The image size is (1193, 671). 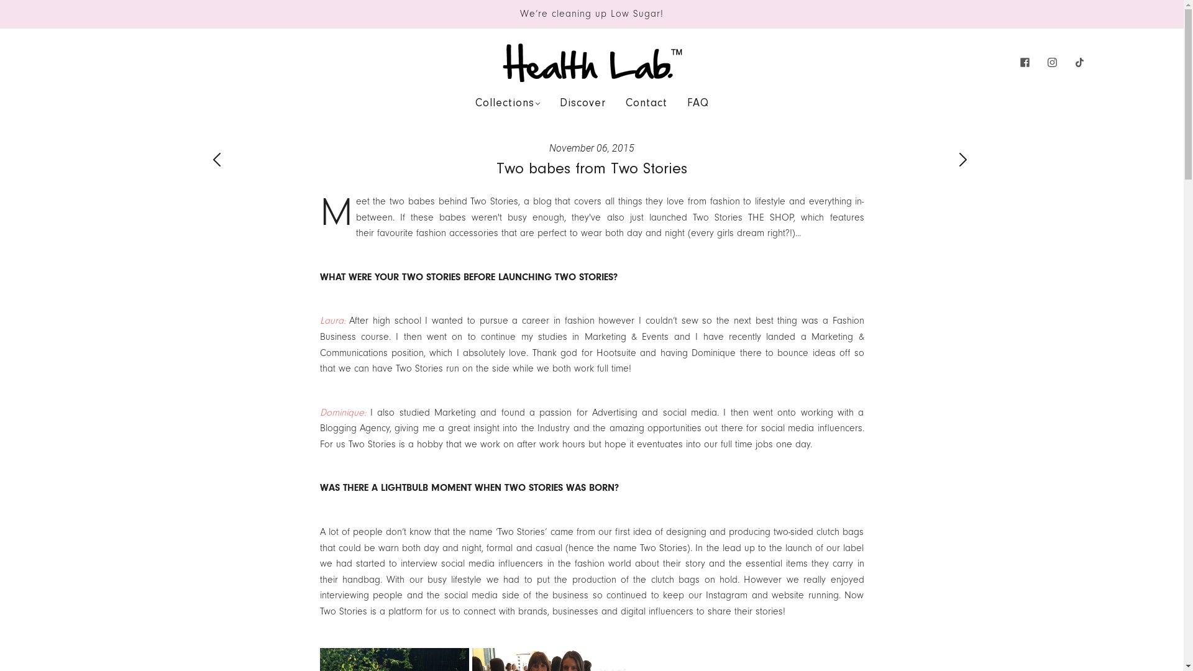 What do you see at coordinates (646, 103) in the screenshot?
I see `'Contact'` at bounding box center [646, 103].